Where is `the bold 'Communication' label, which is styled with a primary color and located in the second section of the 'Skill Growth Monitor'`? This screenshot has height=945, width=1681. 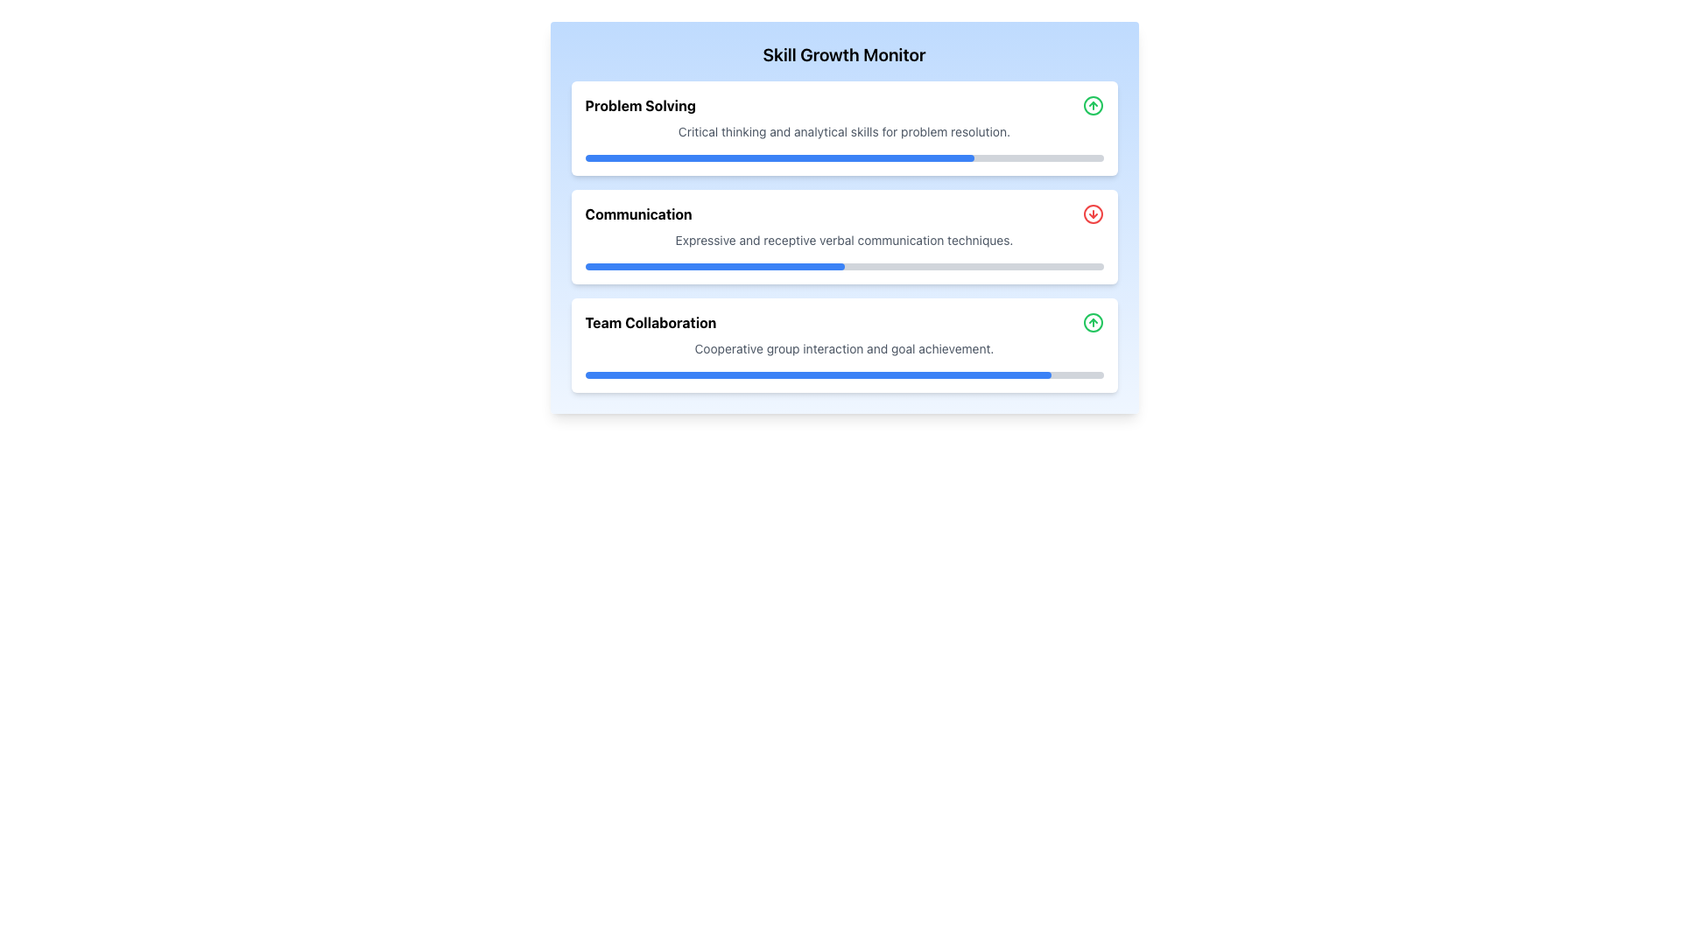
the bold 'Communication' label, which is styled with a primary color and located in the second section of the 'Skill Growth Monitor' is located at coordinates (637, 213).